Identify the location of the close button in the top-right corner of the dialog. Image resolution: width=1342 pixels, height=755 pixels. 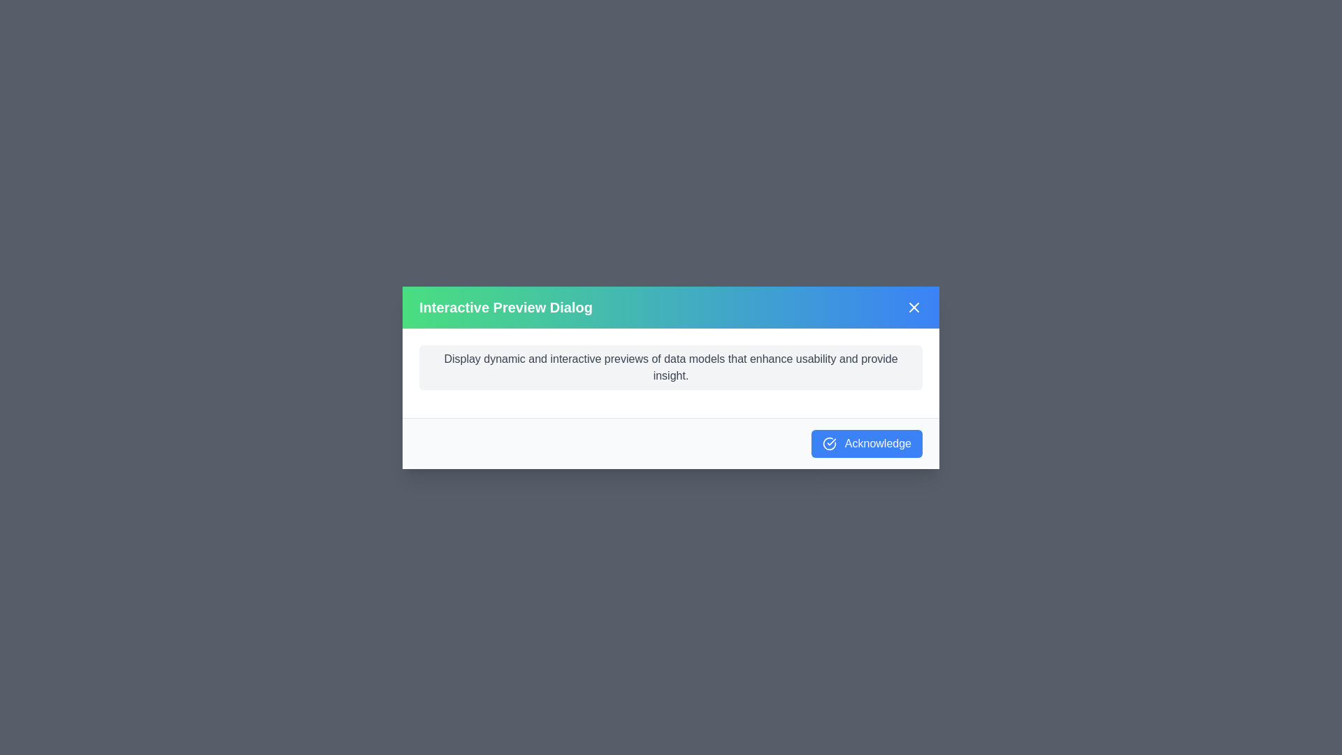
(914, 306).